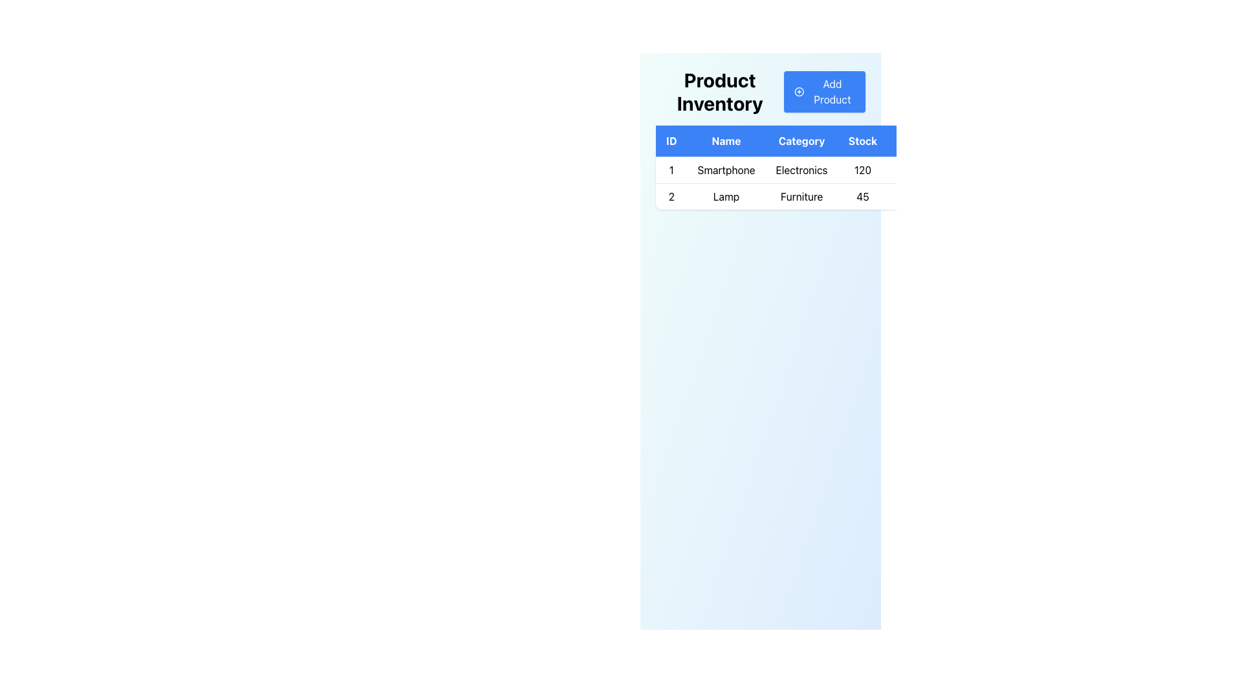 This screenshot has height=699, width=1242. I want to click on the textual numeric value '1' in the 'ID' field of the 'Product Inventory' table, which is displayed in a sans-serif font and centered within its rectangular area, so click(671, 169).